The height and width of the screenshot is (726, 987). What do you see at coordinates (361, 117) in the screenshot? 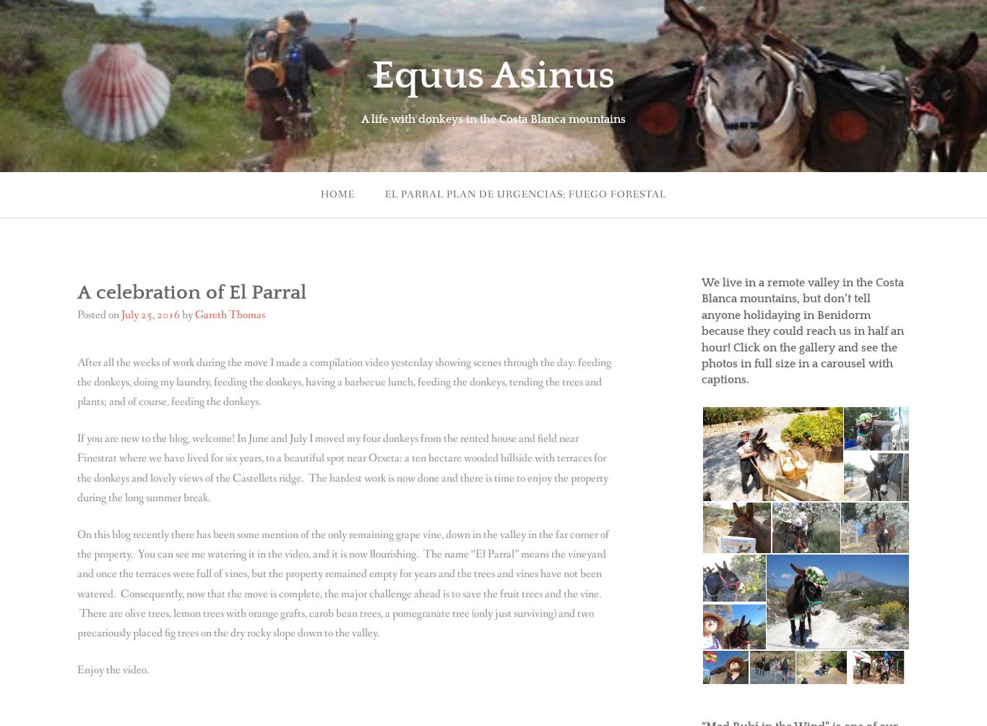
I see `'A life with donkeys in the Costa Blanca mountains'` at bounding box center [361, 117].